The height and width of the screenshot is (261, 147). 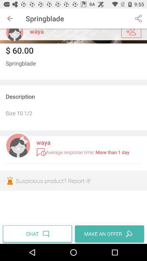 What do you see at coordinates (109, 234) in the screenshot?
I see `the make an offer item` at bounding box center [109, 234].